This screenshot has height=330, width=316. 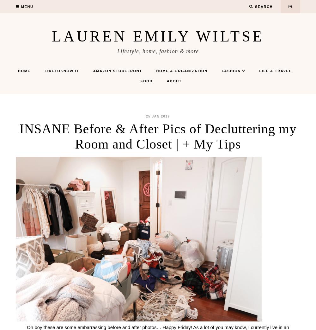 I want to click on 'Home & Organization', so click(x=181, y=71).